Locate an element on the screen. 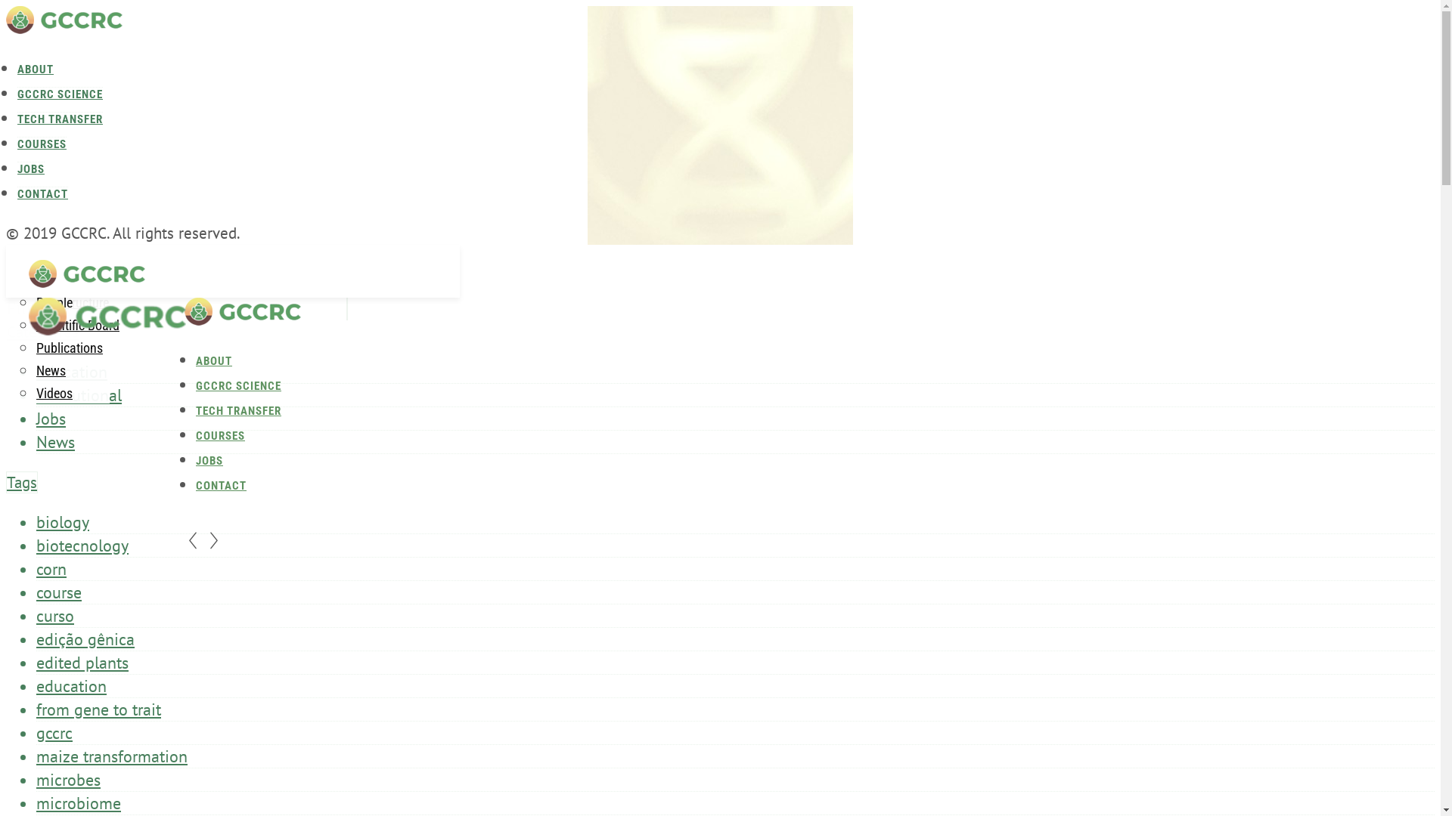  'Education' is located at coordinates (71, 372).